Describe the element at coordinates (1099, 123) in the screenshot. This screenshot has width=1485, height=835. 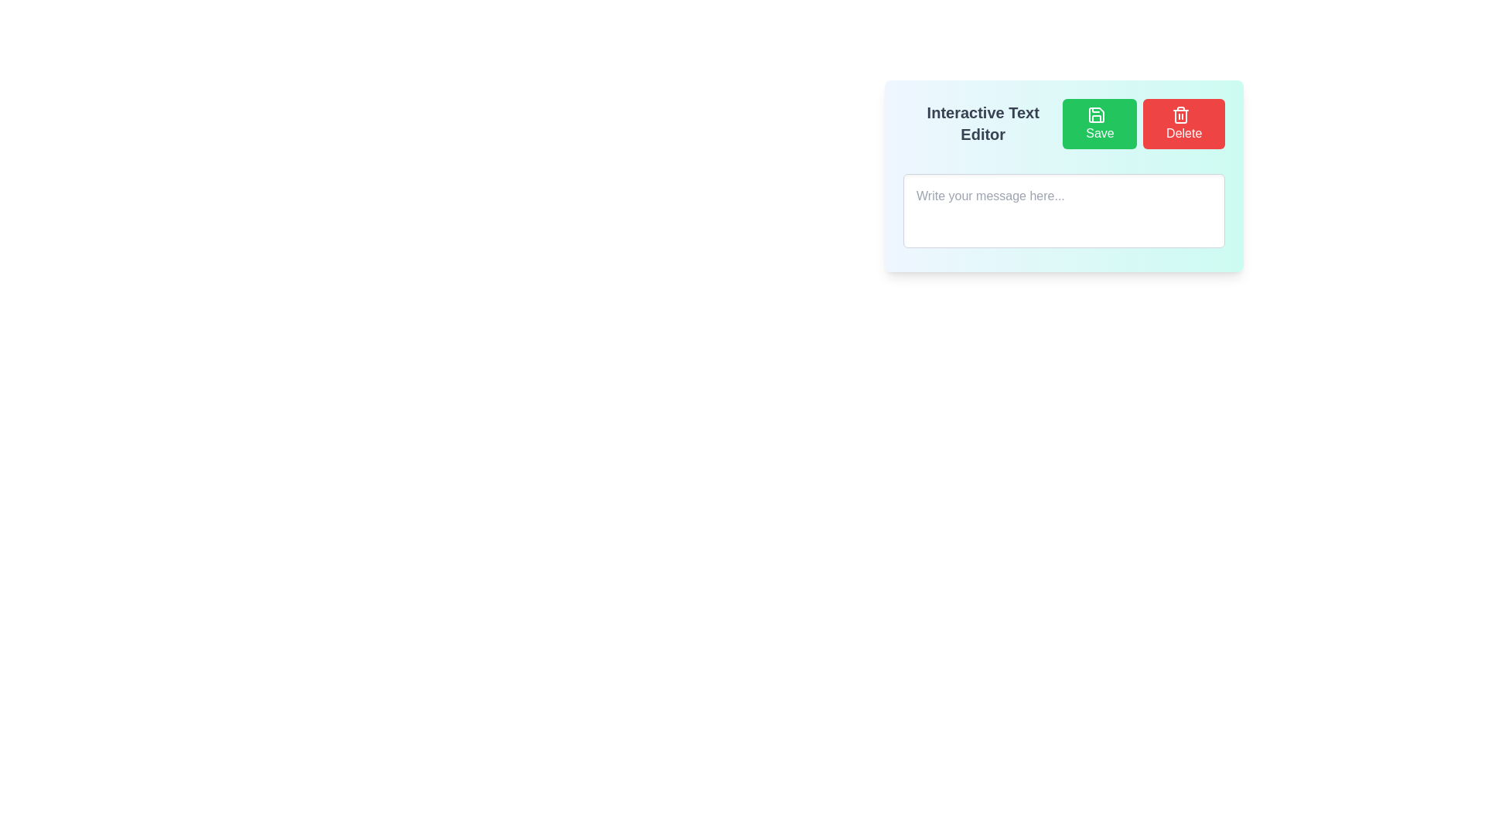
I see `the 'Save' button located in the top-right section of the 'Interactive Text Editor' card` at that location.